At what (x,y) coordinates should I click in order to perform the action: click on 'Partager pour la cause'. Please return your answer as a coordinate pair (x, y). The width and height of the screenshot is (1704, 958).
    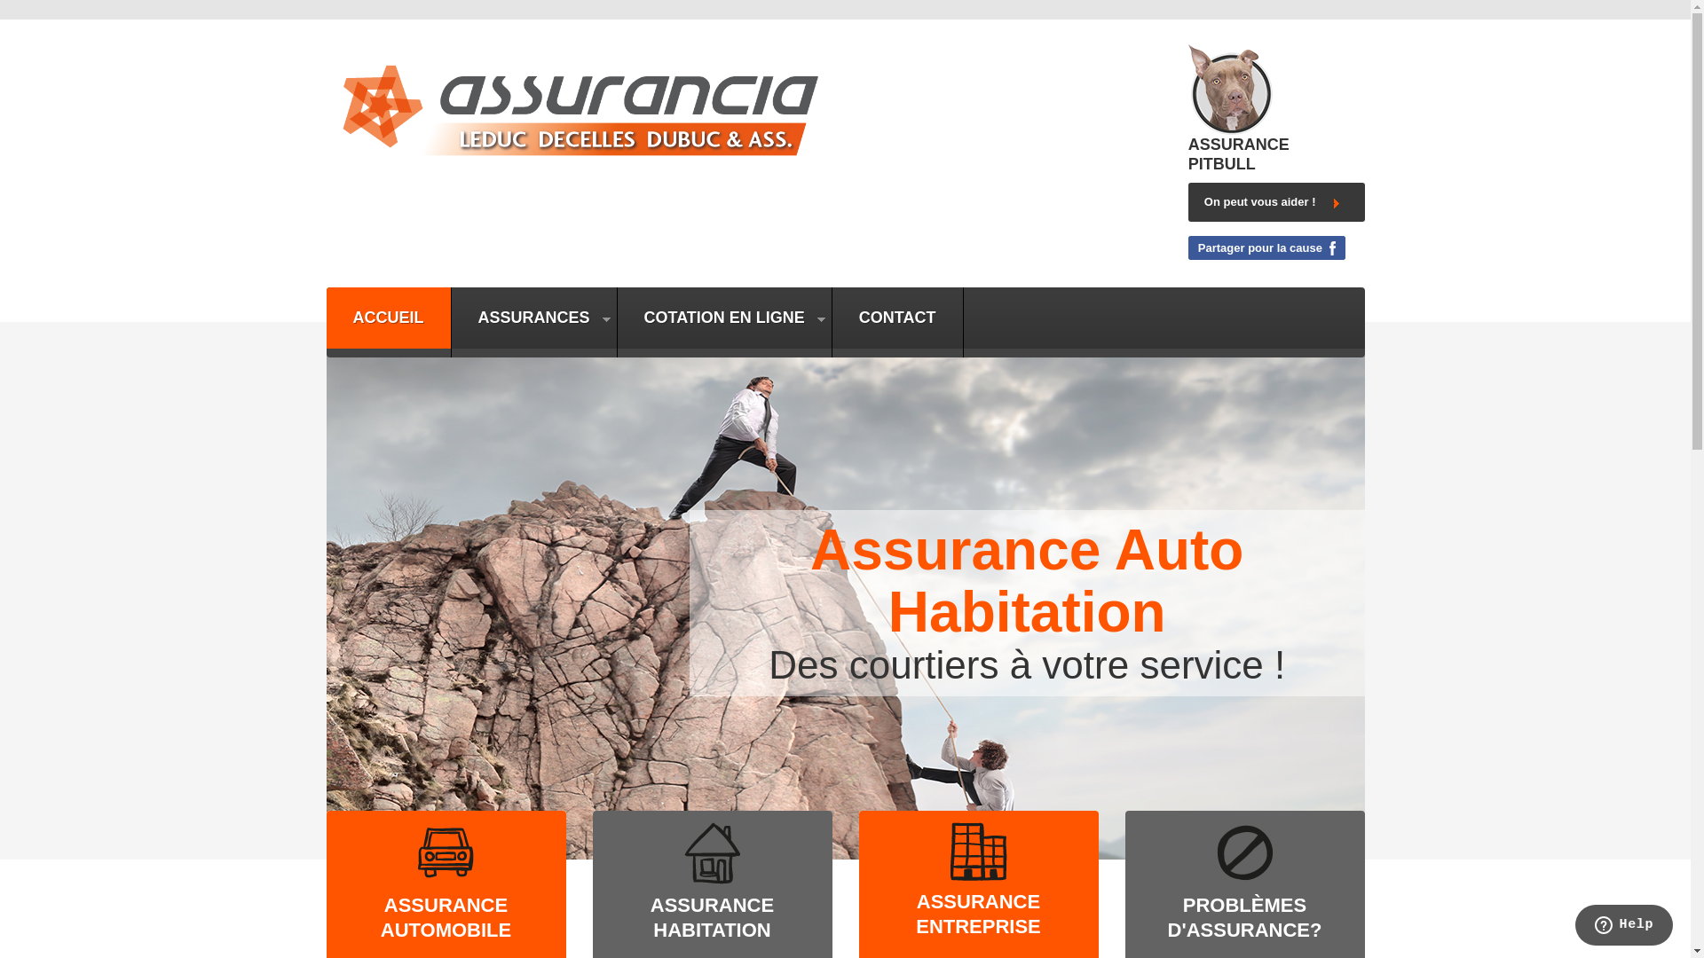
    Looking at the image, I should click on (1188, 247).